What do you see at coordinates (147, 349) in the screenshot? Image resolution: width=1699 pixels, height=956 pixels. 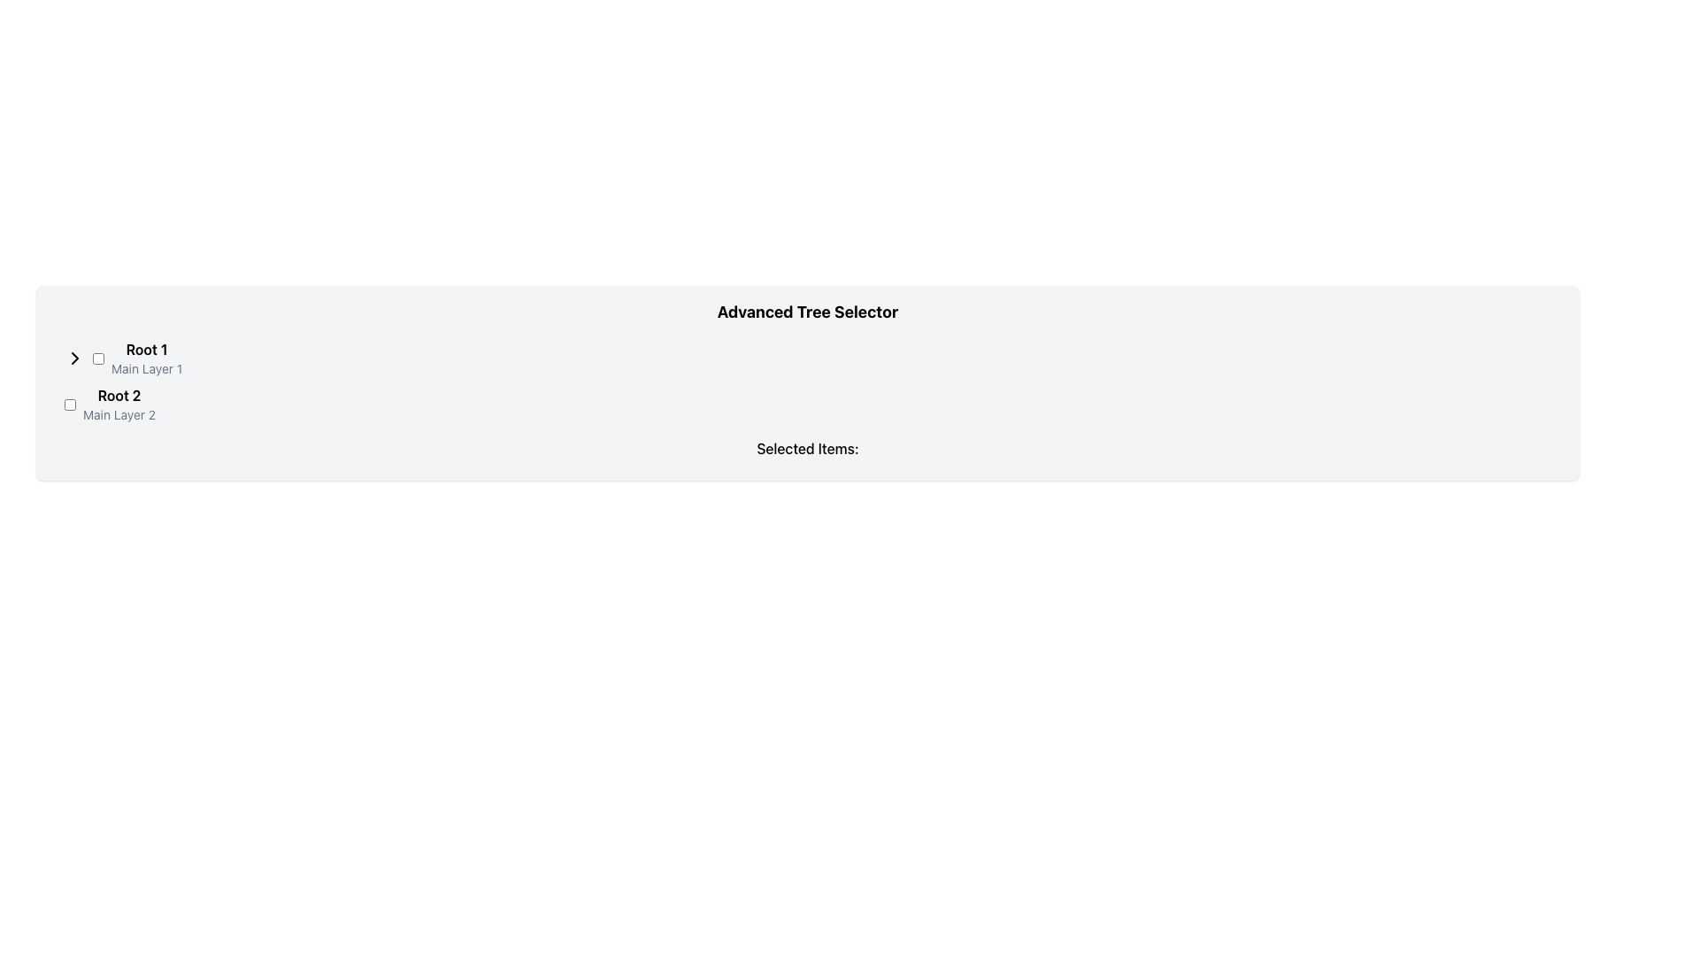 I see `the first text label indicating the title of the first root element in the tree hierarchy, which is positioned above 'Main Layer 1'` at bounding box center [147, 349].